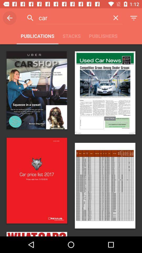 The image size is (142, 253). I want to click on the first image, so click(37, 90).